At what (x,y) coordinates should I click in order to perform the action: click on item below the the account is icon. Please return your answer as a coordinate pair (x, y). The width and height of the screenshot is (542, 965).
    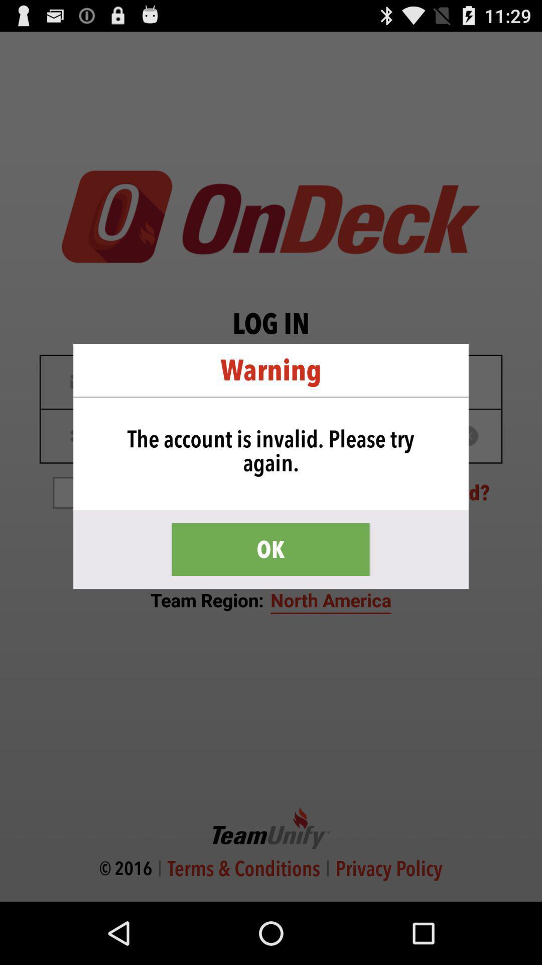
    Looking at the image, I should click on (270, 549).